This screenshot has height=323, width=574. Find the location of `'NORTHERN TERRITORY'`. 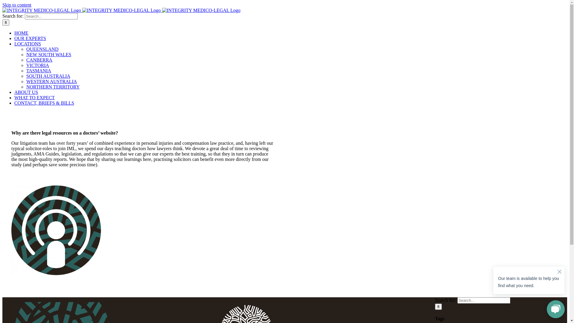

'NORTHERN TERRITORY' is located at coordinates (53, 87).